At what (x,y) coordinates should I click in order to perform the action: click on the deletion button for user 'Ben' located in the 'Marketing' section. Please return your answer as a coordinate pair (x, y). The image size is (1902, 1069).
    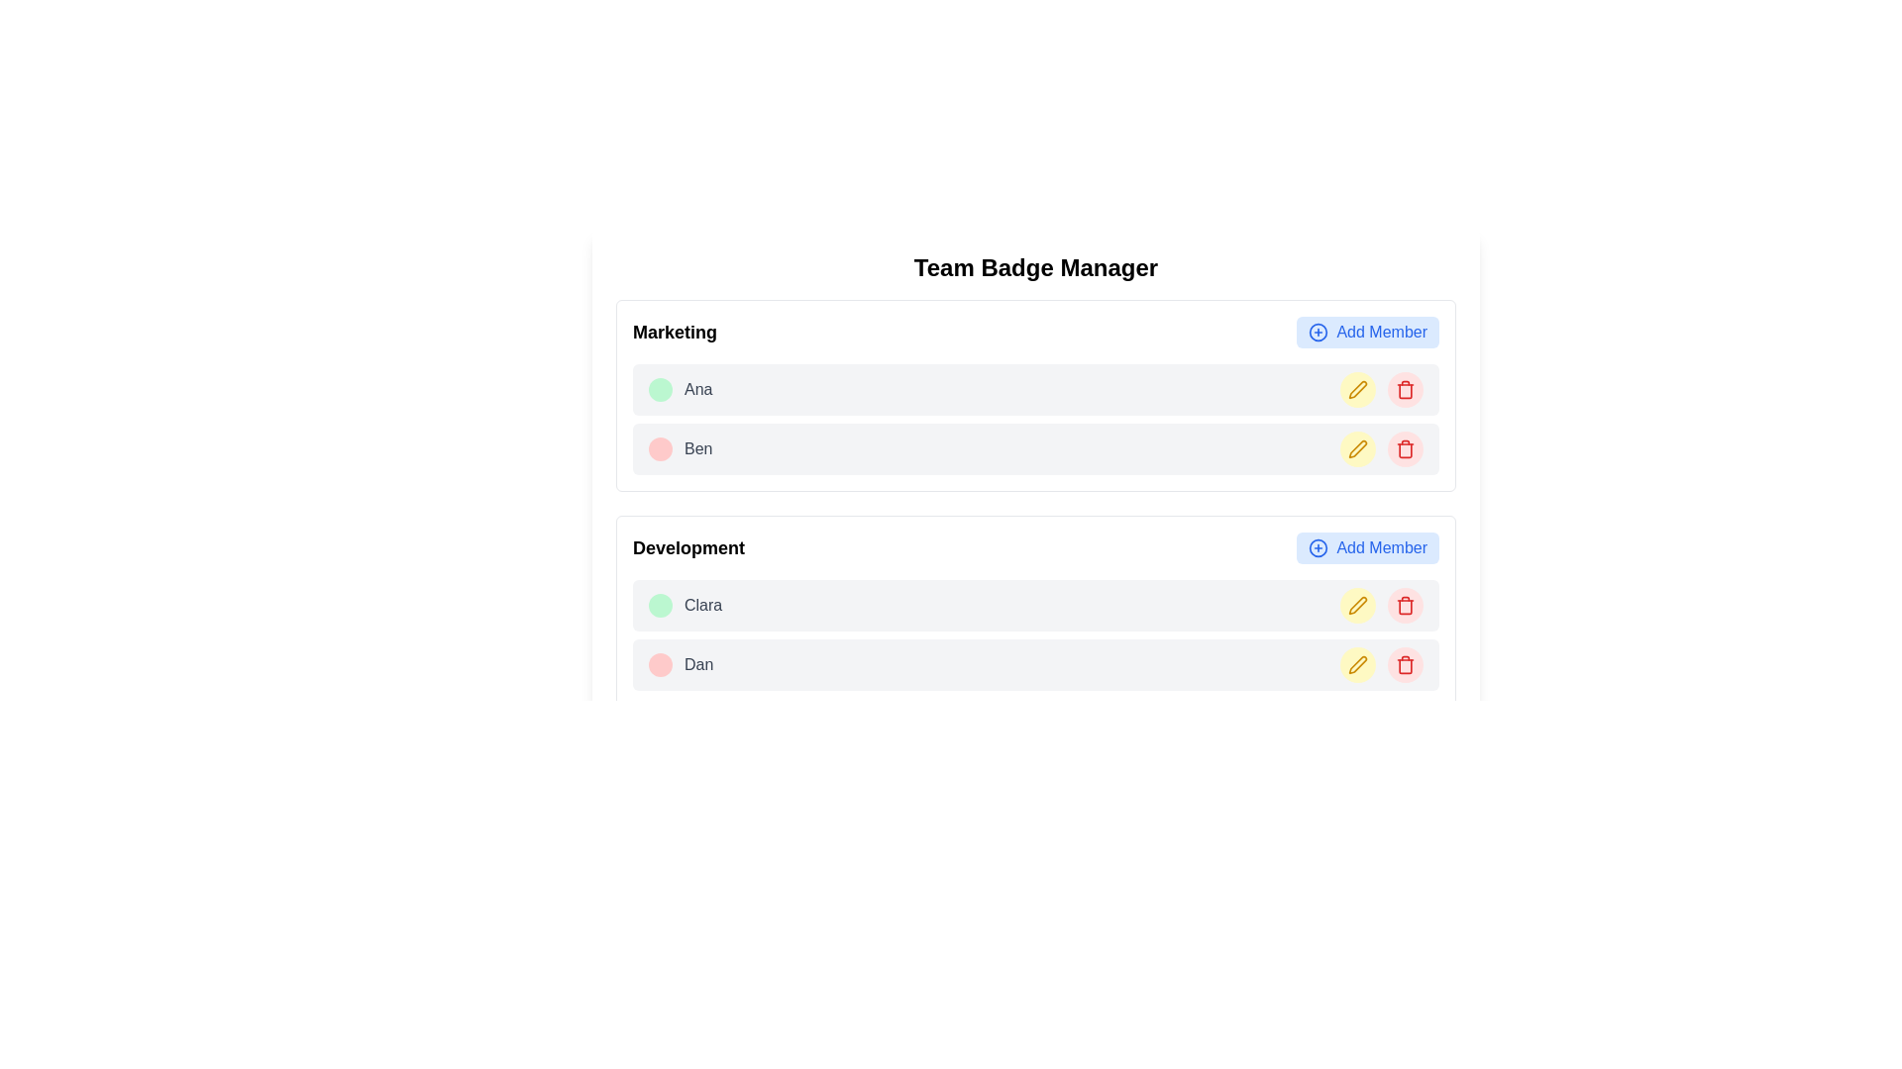
    Looking at the image, I should click on (1405, 449).